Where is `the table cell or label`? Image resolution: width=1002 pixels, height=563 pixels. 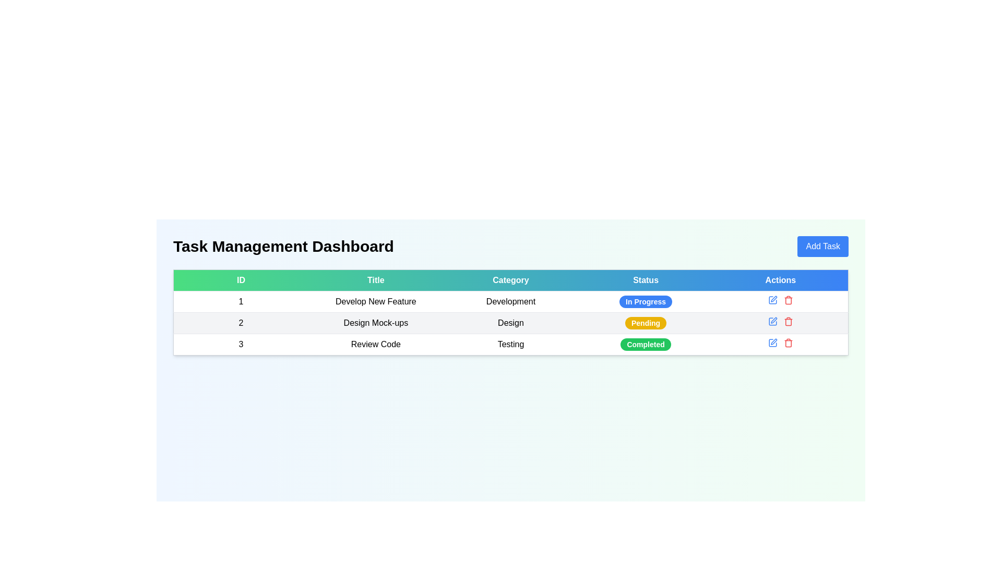
the table cell or label is located at coordinates (376, 344).